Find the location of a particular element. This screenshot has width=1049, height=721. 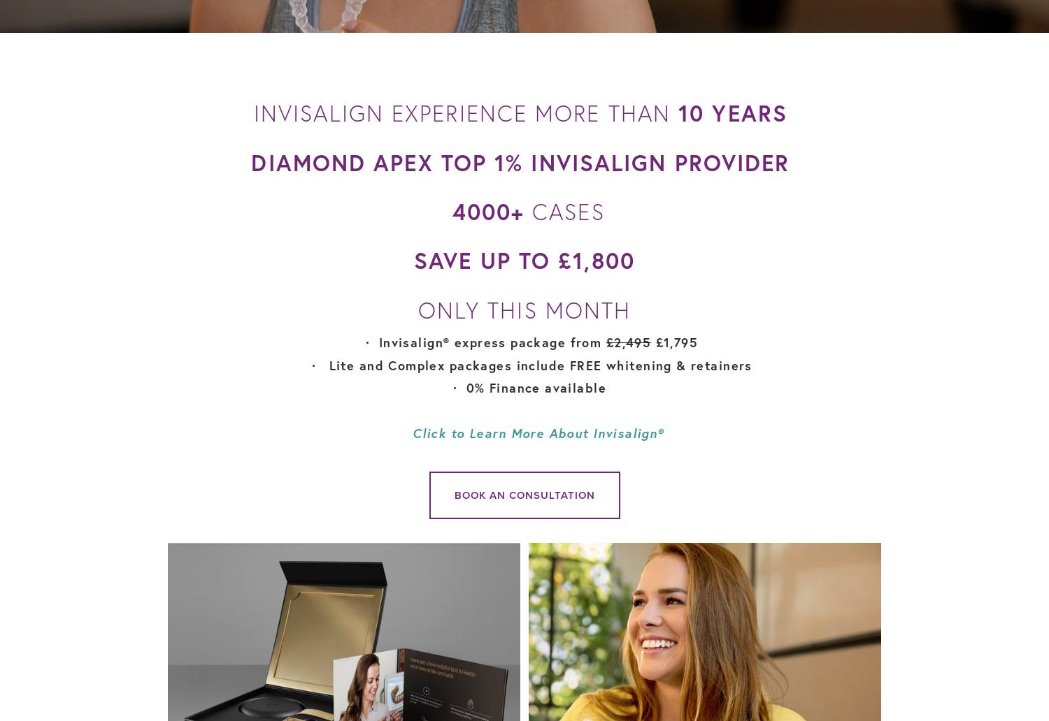

'Click to Learn More About Invisalign®' is located at coordinates (538, 432).